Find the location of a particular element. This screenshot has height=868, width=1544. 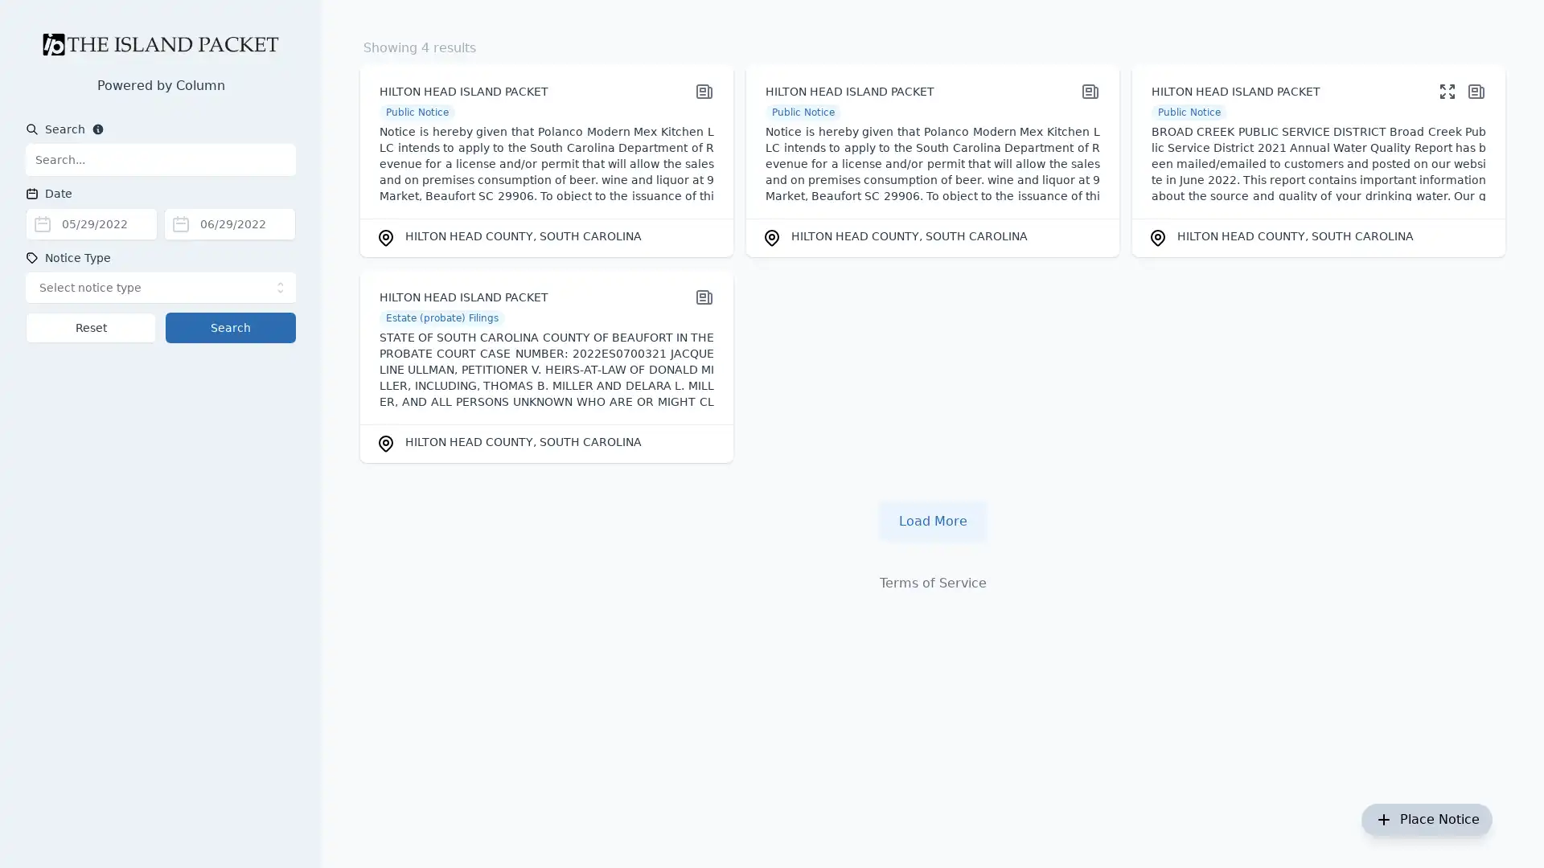

Reset search is located at coordinates (90, 327).